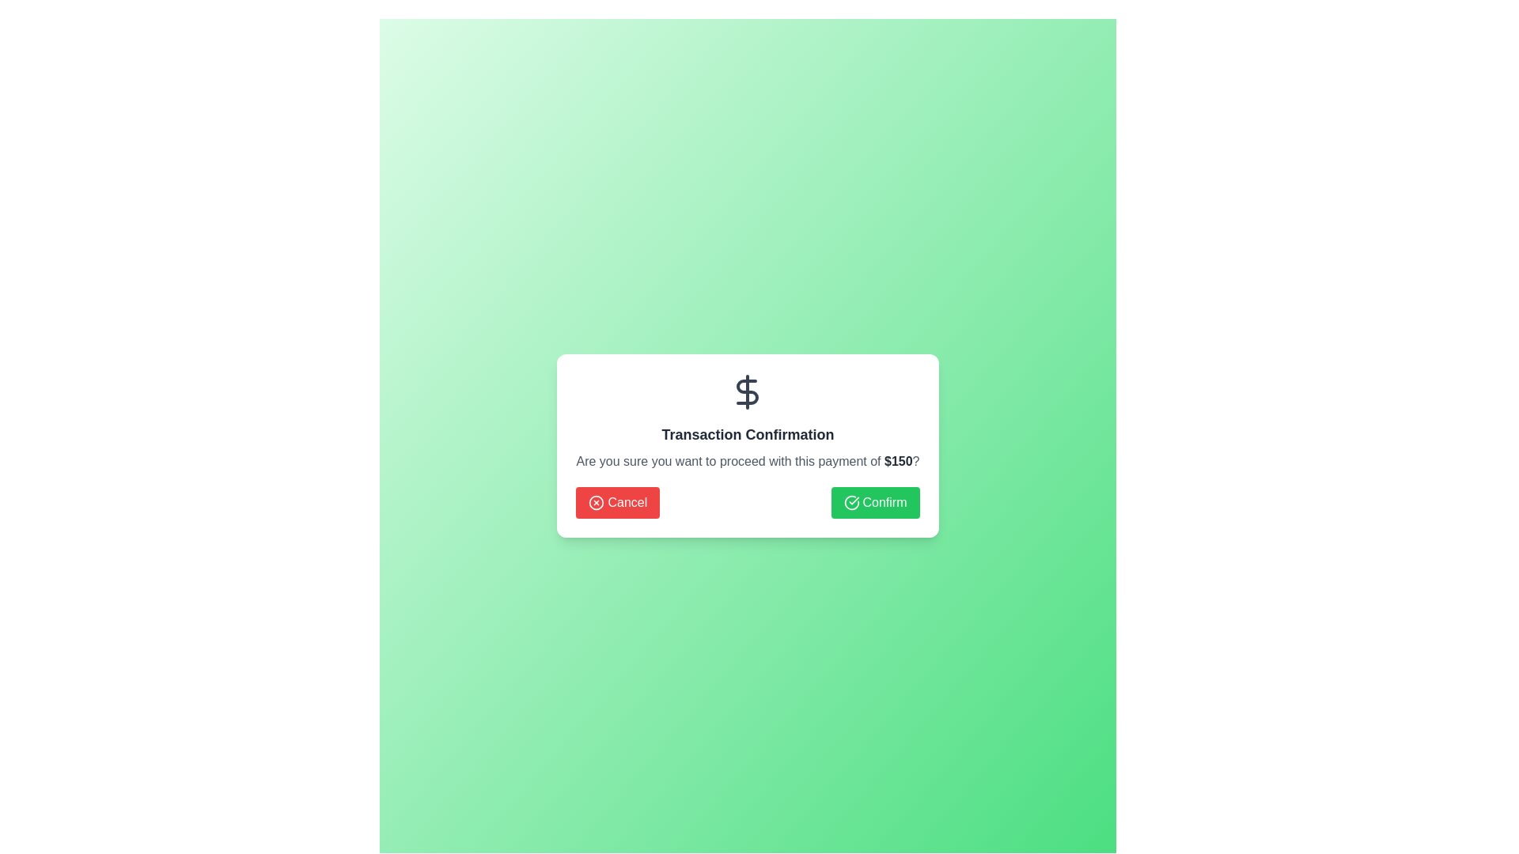 The image size is (1519, 854). What do you see at coordinates (747, 435) in the screenshot?
I see `the 'Transaction Confirmation' label, which is displayed in bold and larger font, colored dark gray (#4A4A4A), and located in the center of the modal dialog box` at bounding box center [747, 435].